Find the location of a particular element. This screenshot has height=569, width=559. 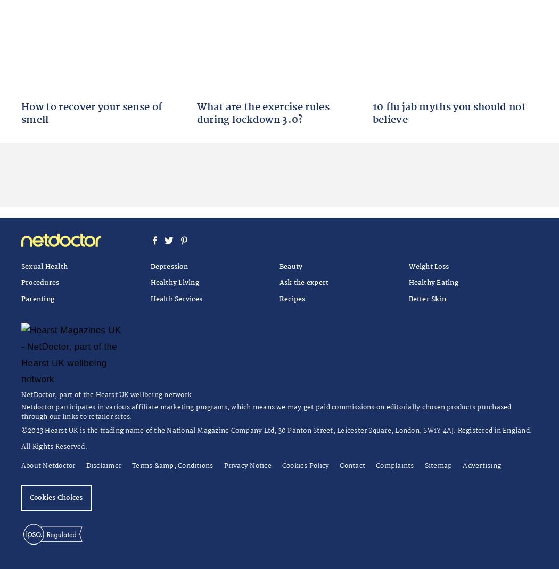

'Terms &amp; Conditions' is located at coordinates (172, 465).